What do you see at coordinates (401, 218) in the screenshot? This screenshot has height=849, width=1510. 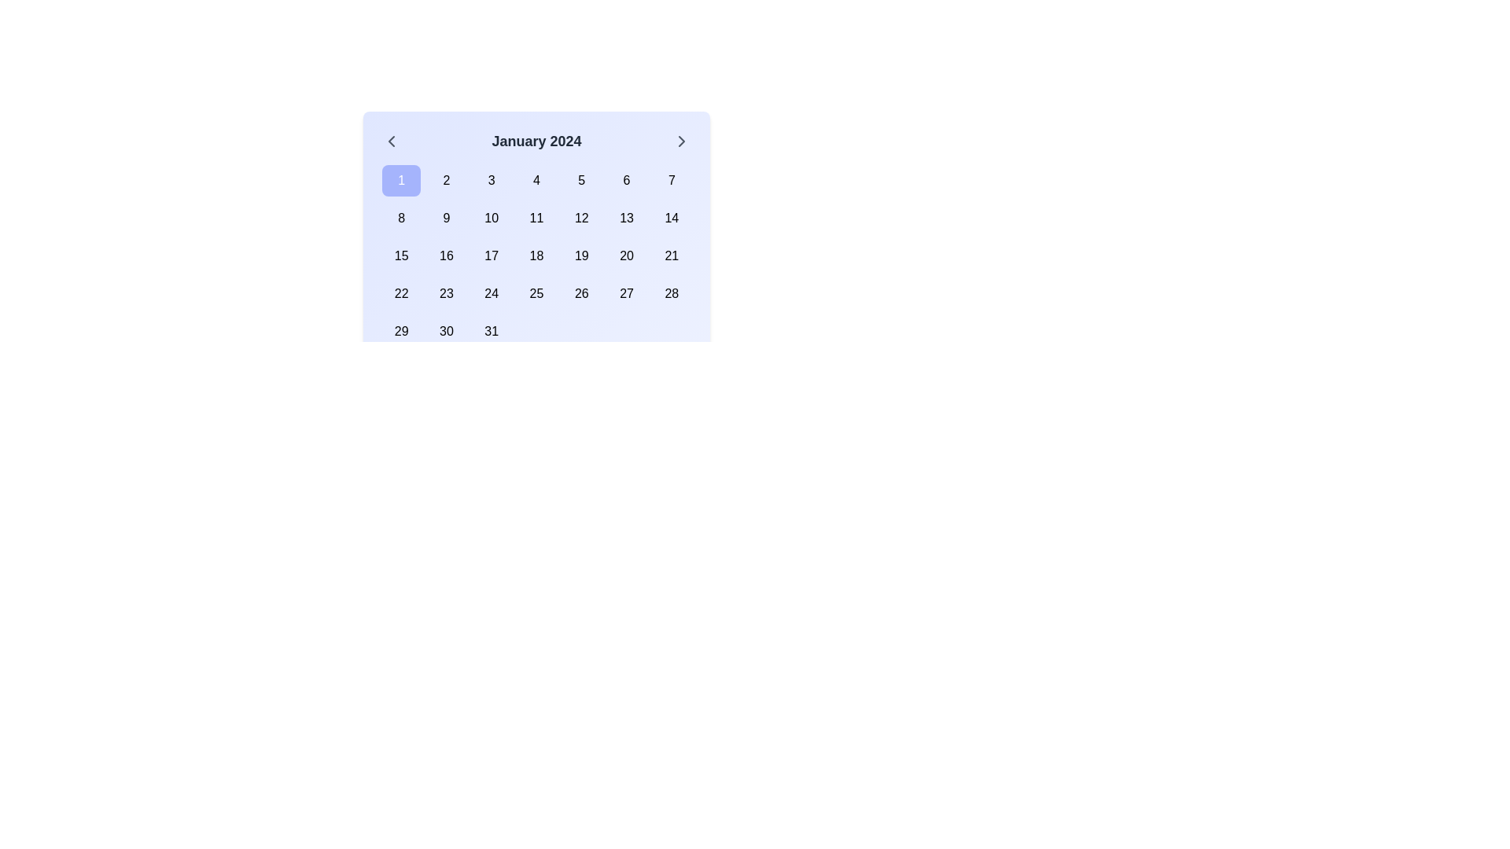 I see `the square button displaying the text '8'` at bounding box center [401, 218].